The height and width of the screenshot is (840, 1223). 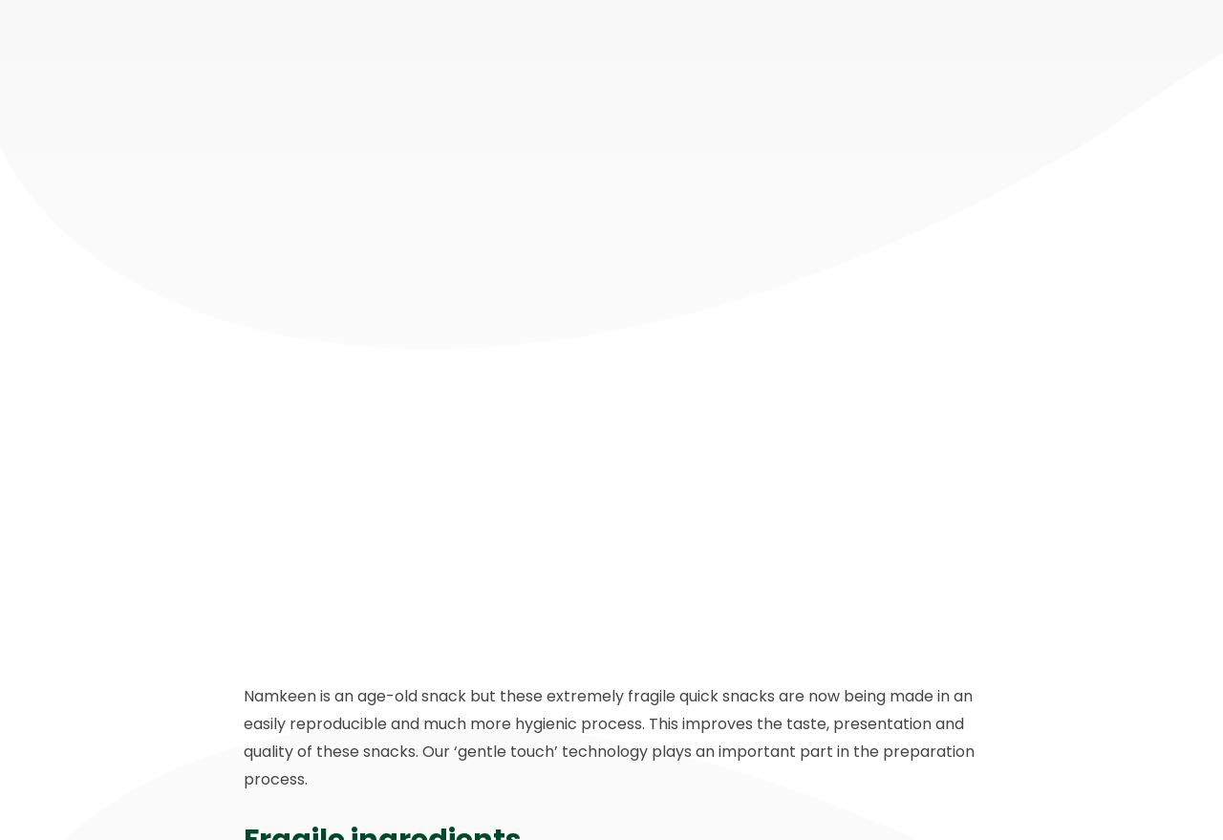 I want to click on '3316 GS Dordrecht', so click(x=375, y=689).